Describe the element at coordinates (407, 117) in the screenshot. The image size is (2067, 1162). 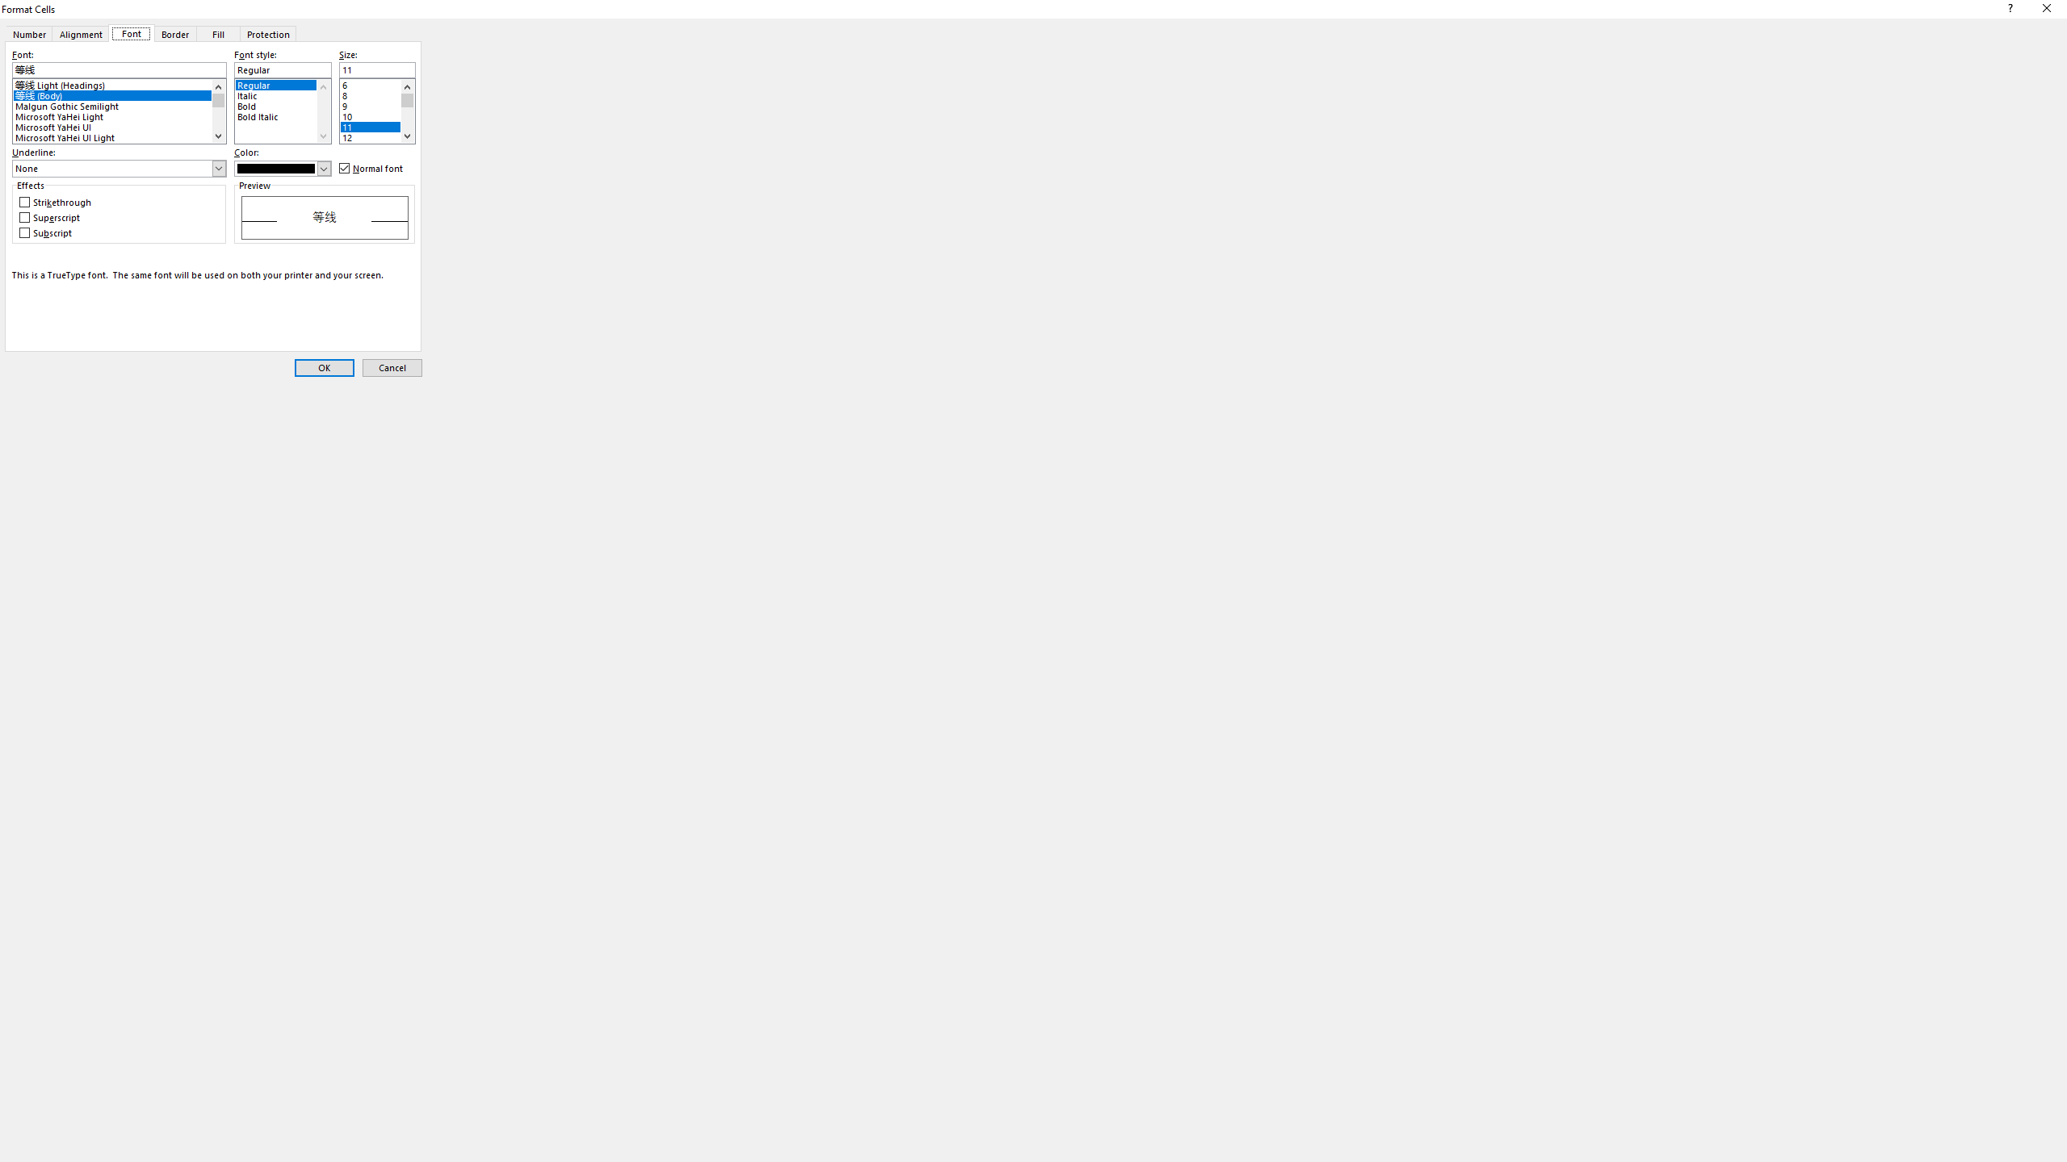
I see `'Page down'` at that location.